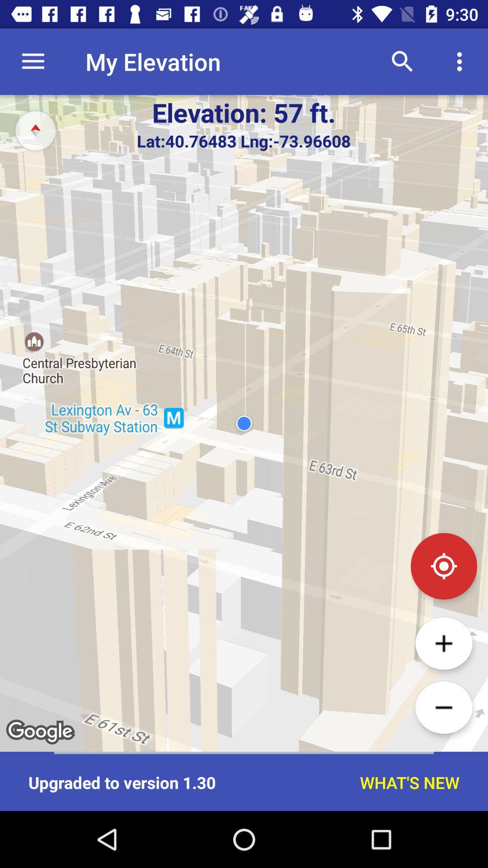 This screenshot has width=488, height=868. Describe the element at coordinates (443, 707) in the screenshot. I see `zoom out option` at that location.